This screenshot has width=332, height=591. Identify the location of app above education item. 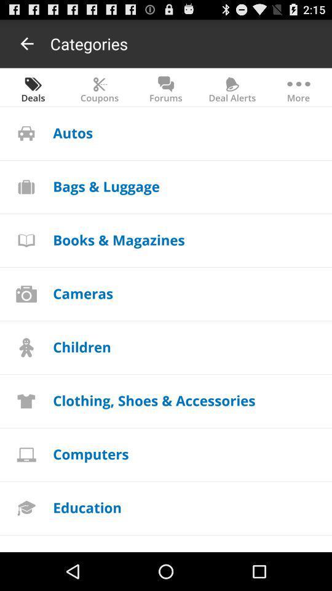
(90, 453).